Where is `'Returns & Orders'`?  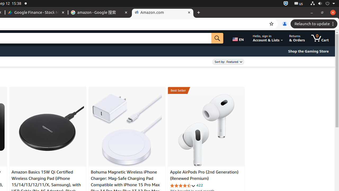 'Returns & Orders' is located at coordinates (297, 38).